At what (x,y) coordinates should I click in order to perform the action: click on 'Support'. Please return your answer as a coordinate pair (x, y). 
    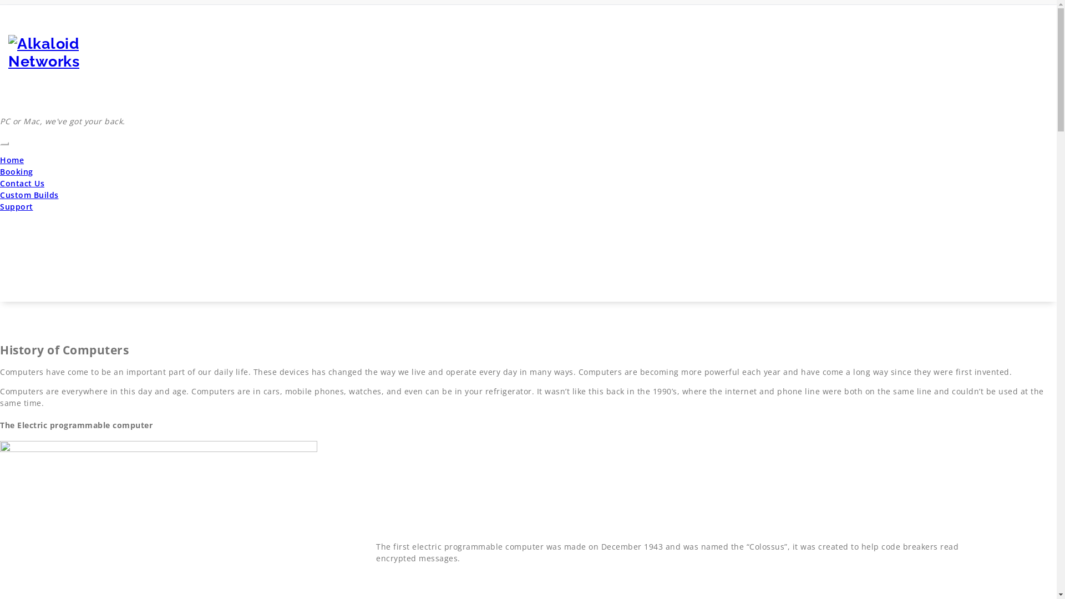
    Looking at the image, I should click on (0, 206).